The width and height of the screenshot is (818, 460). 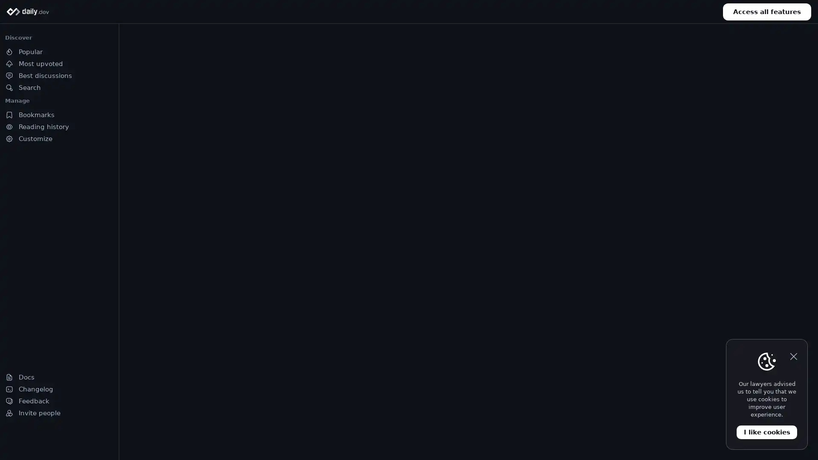 What do you see at coordinates (790, 440) in the screenshot?
I see `scroll to top` at bounding box center [790, 440].